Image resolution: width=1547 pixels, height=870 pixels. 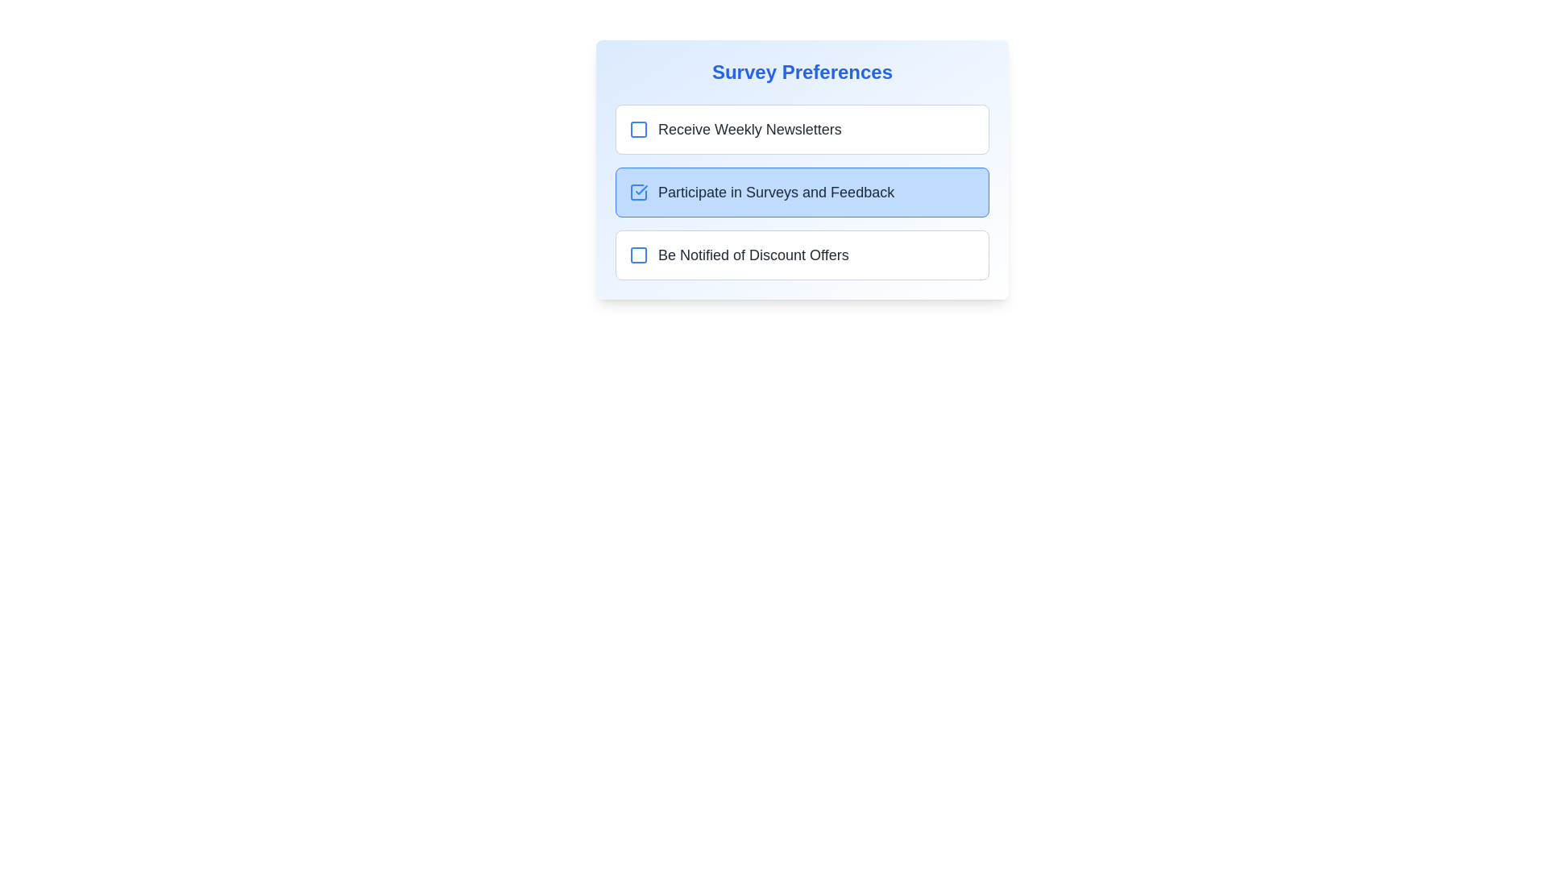 What do you see at coordinates (637, 254) in the screenshot?
I see `the checkbox for 'Be Notified of Discount Offers'` at bounding box center [637, 254].